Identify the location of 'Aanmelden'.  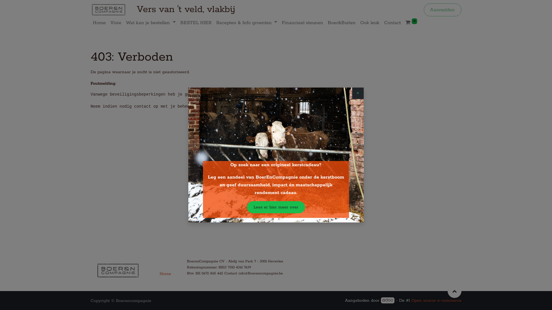
(442, 10).